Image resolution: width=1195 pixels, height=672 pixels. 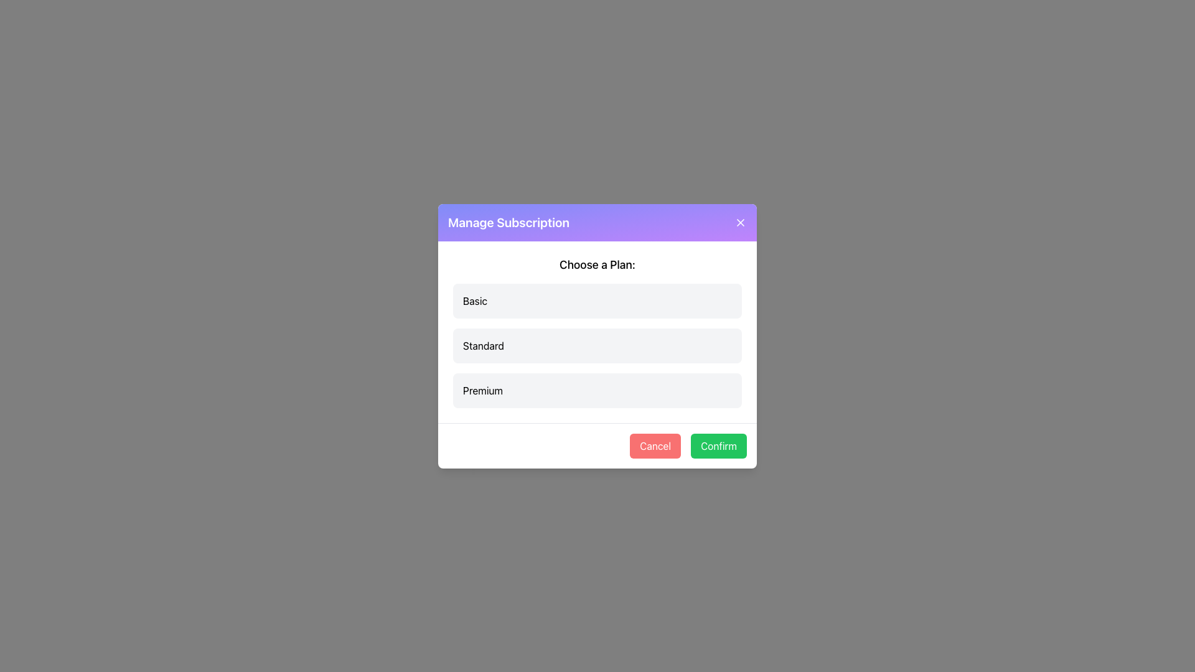 What do you see at coordinates (719, 445) in the screenshot?
I see `keyboard navigation` at bounding box center [719, 445].